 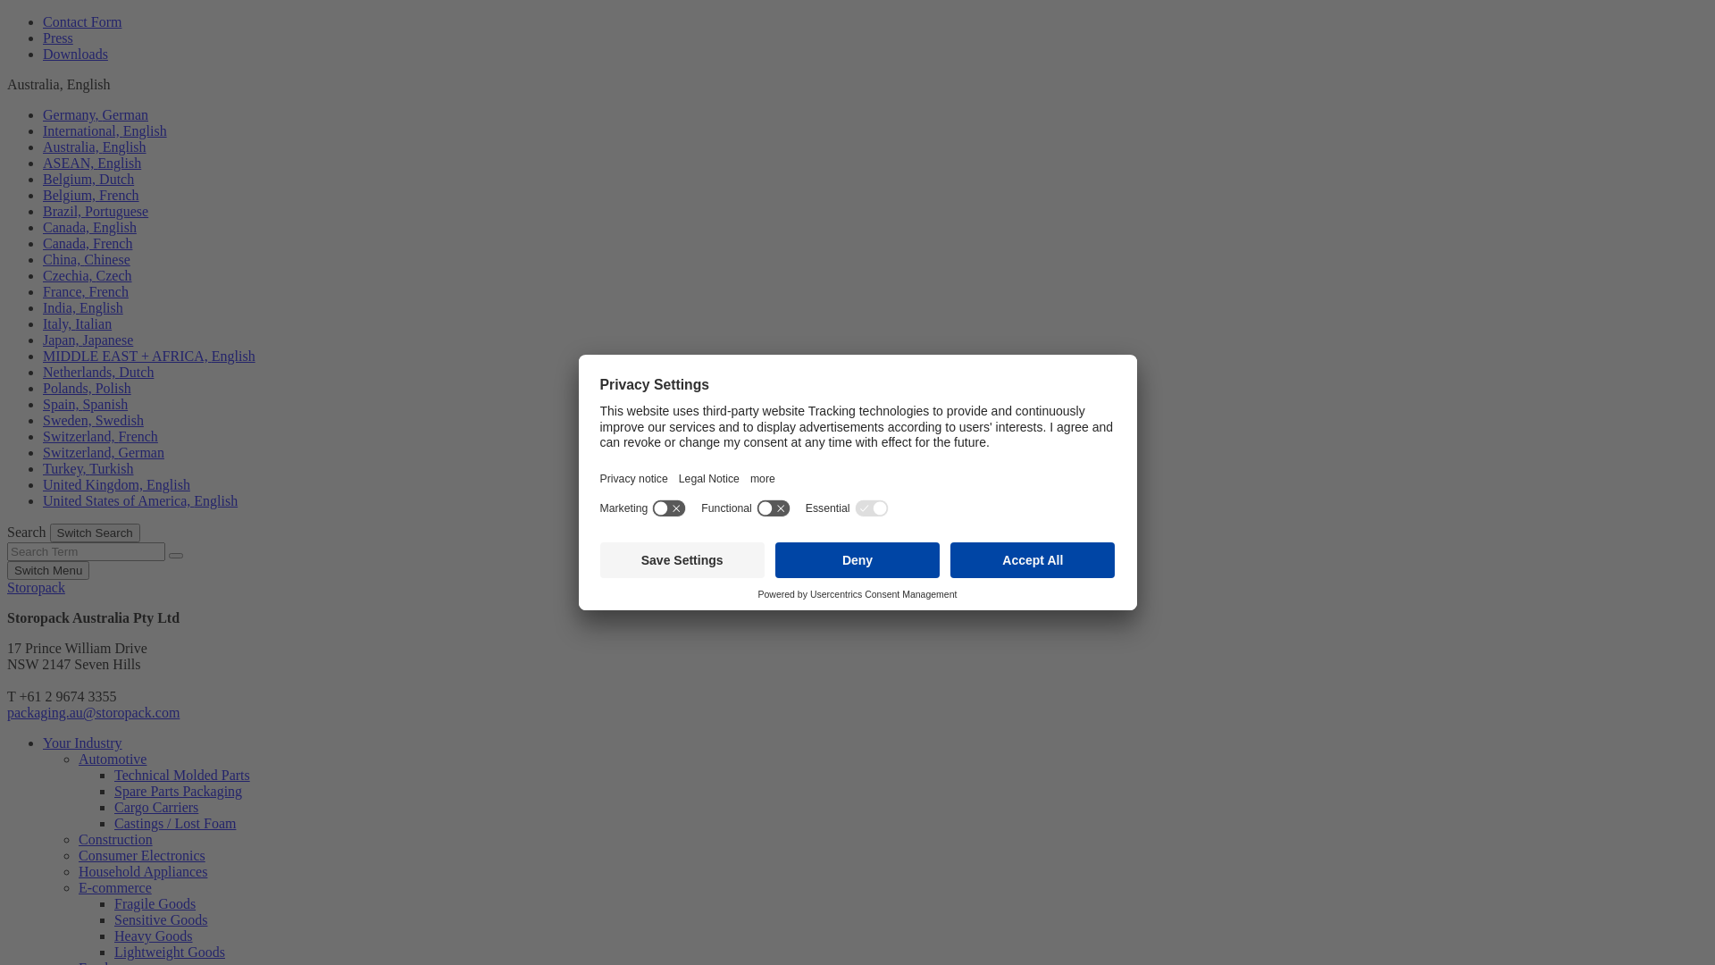 What do you see at coordinates (114, 839) in the screenshot?
I see `'Construction'` at bounding box center [114, 839].